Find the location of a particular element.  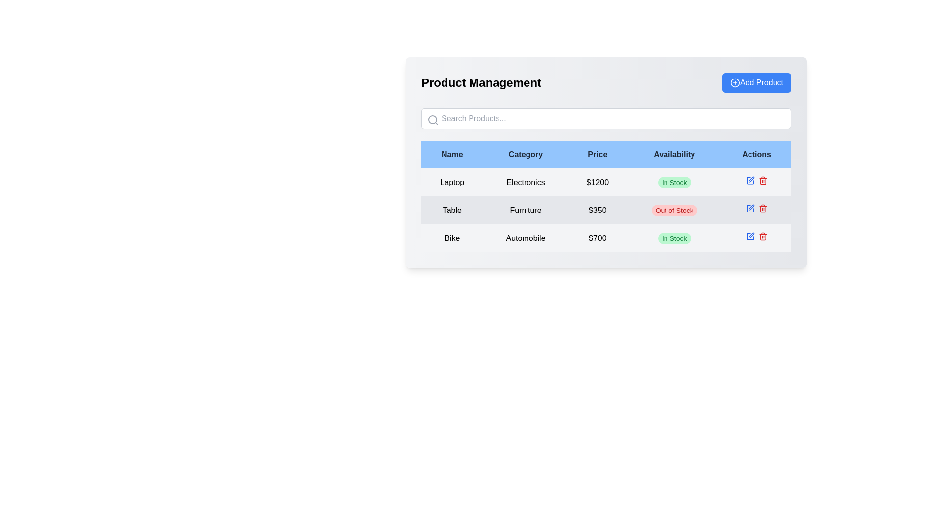

the static text label displaying 'Furniture' in black font, which is located in the second column under the 'Category' heading and to the right of the 'Table' label is located at coordinates (525, 210).